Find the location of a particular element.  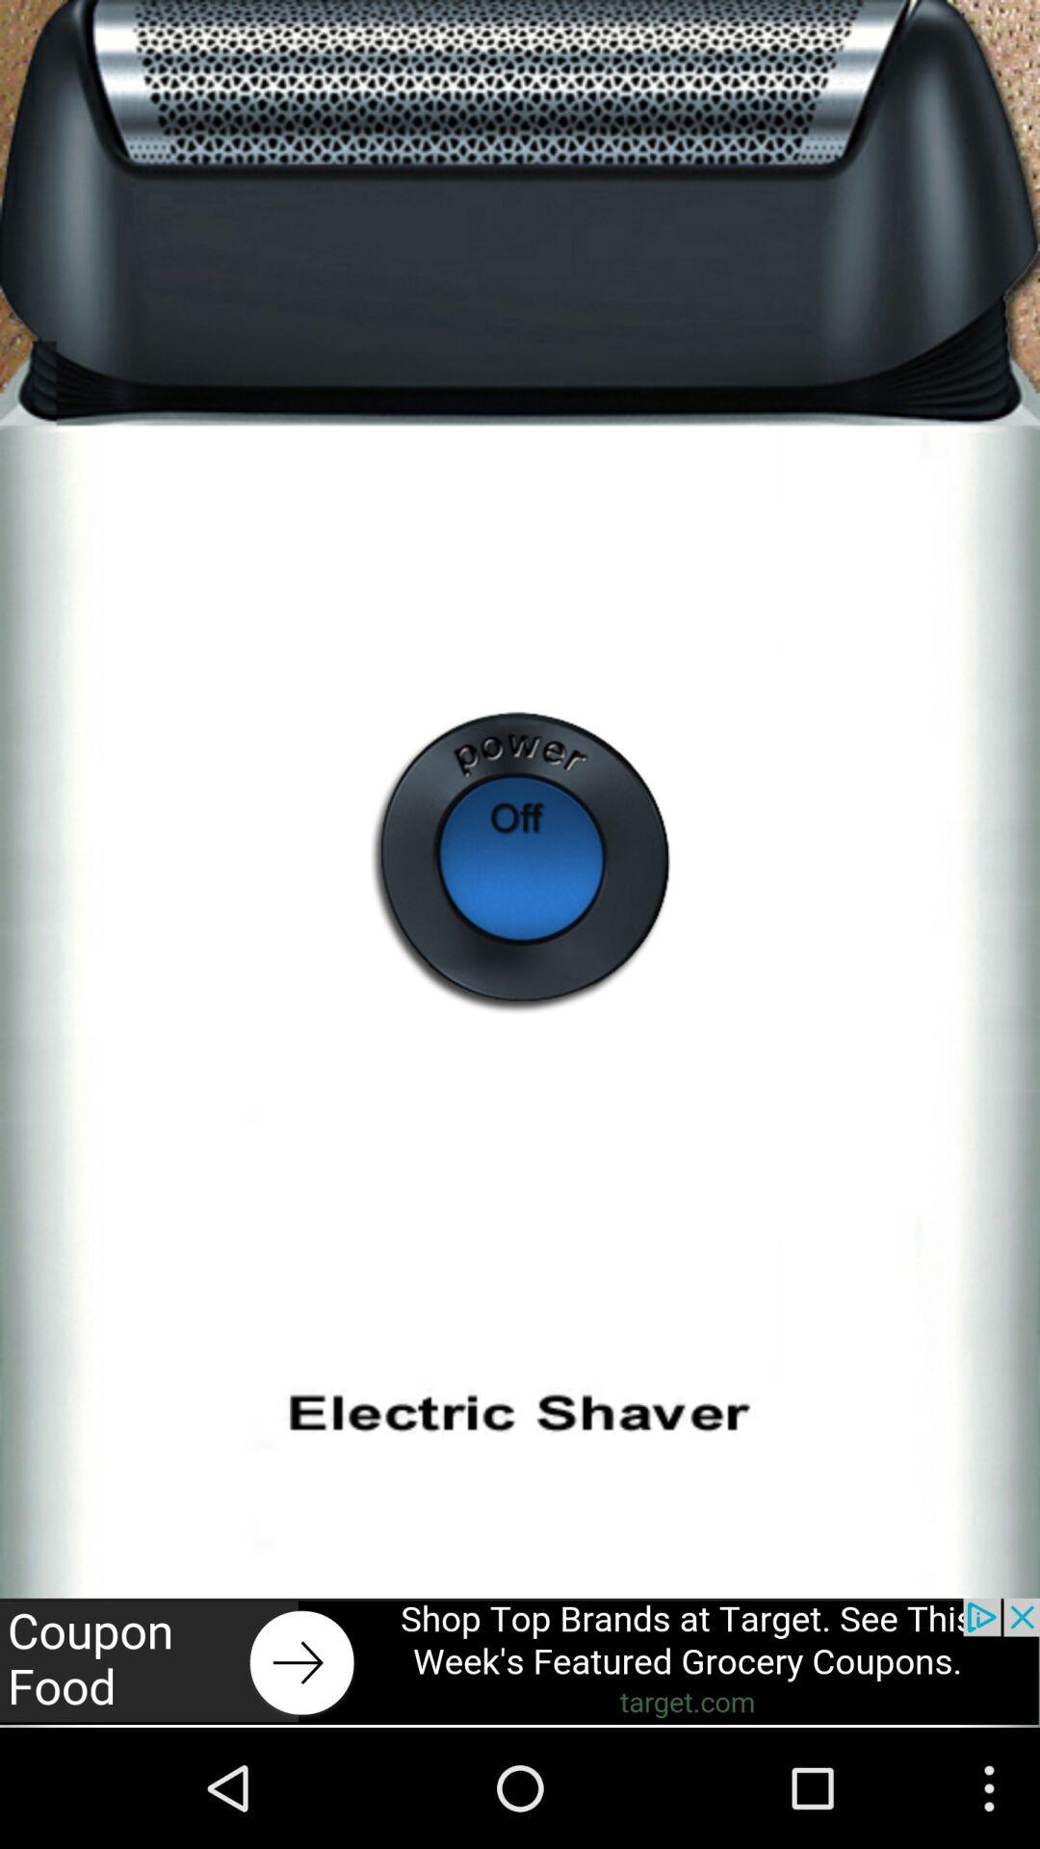

open advertisement is located at coordinates (520, 1660).